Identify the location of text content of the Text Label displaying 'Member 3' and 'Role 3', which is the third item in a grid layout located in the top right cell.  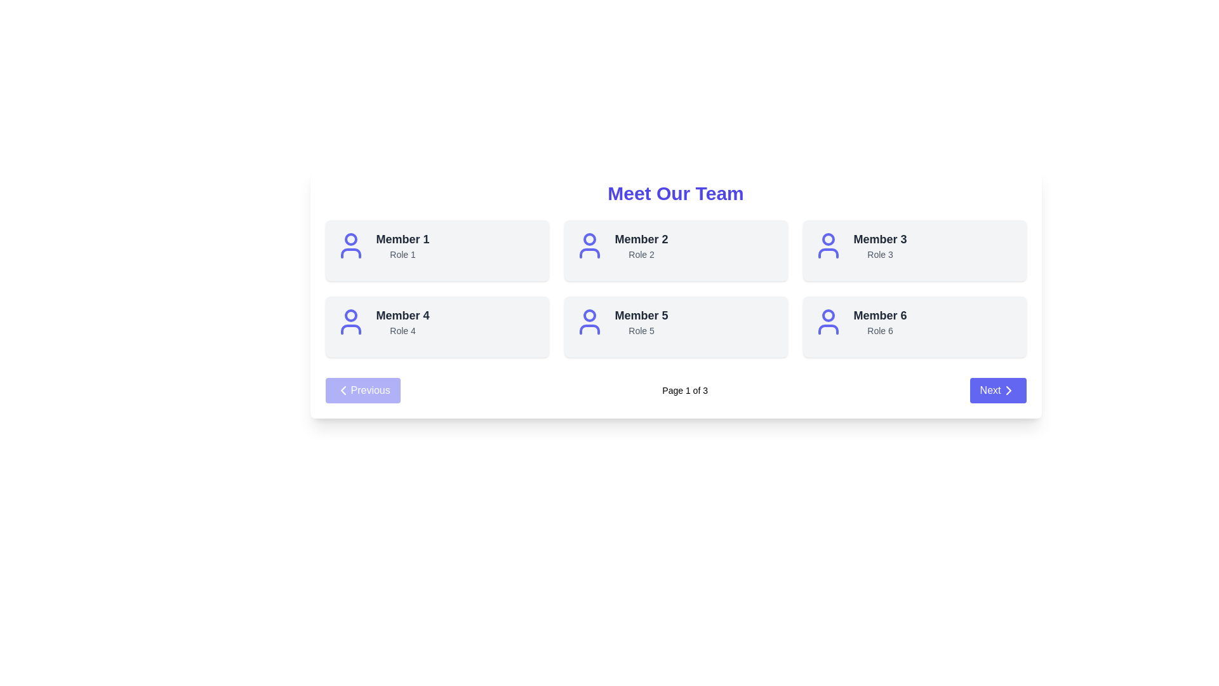
(879, 245).